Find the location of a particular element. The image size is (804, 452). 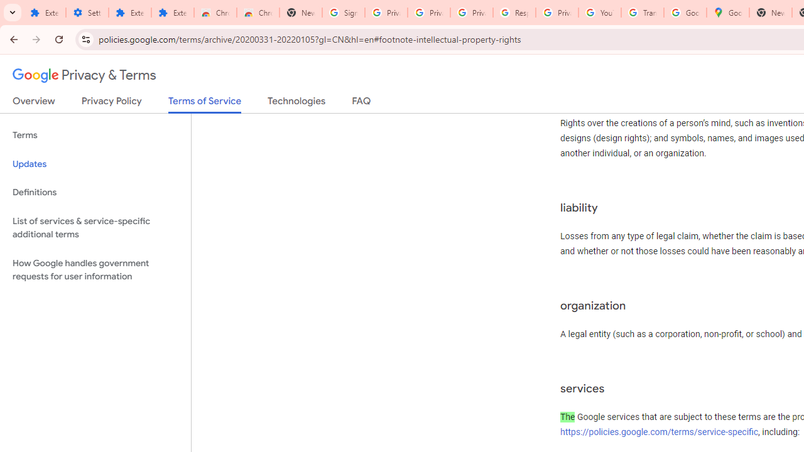

'Chrome Web Store' is located at coordinates (215, 13).